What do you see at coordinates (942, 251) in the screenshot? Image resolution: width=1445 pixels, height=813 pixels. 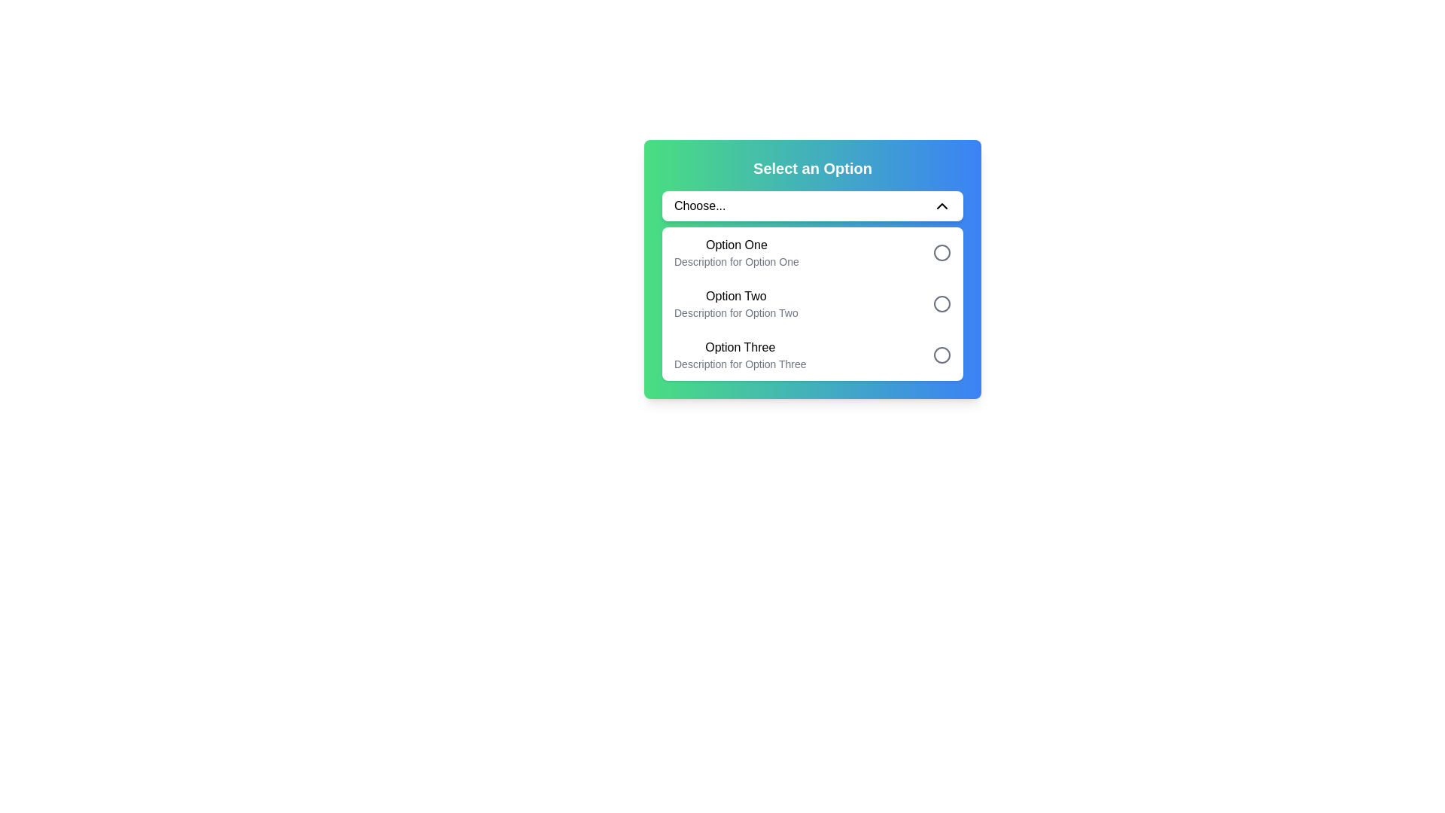 I see `the first radio button to the right of the text 'Option One'` at bounding box center [942, 251].